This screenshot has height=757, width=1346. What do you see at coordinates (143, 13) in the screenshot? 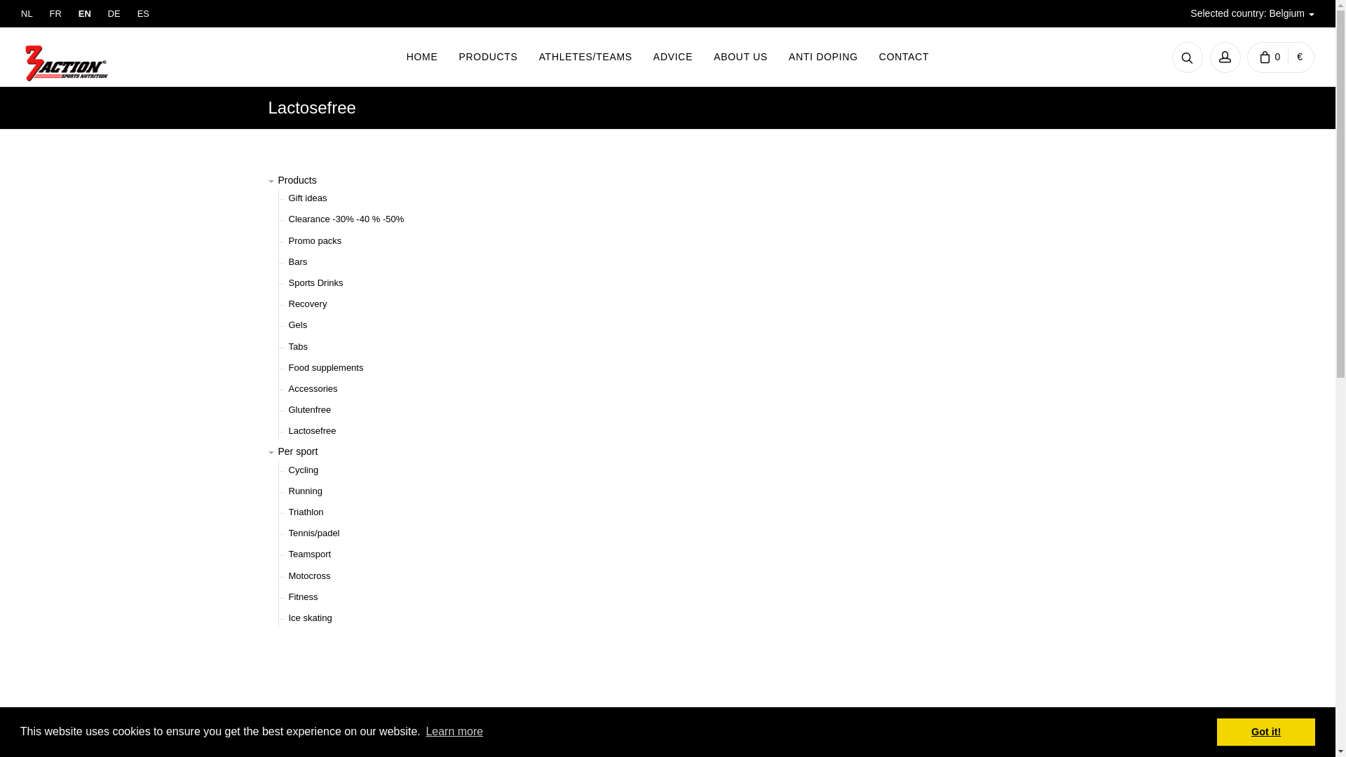
I see `'ES'` at bounding box center [143, 13].